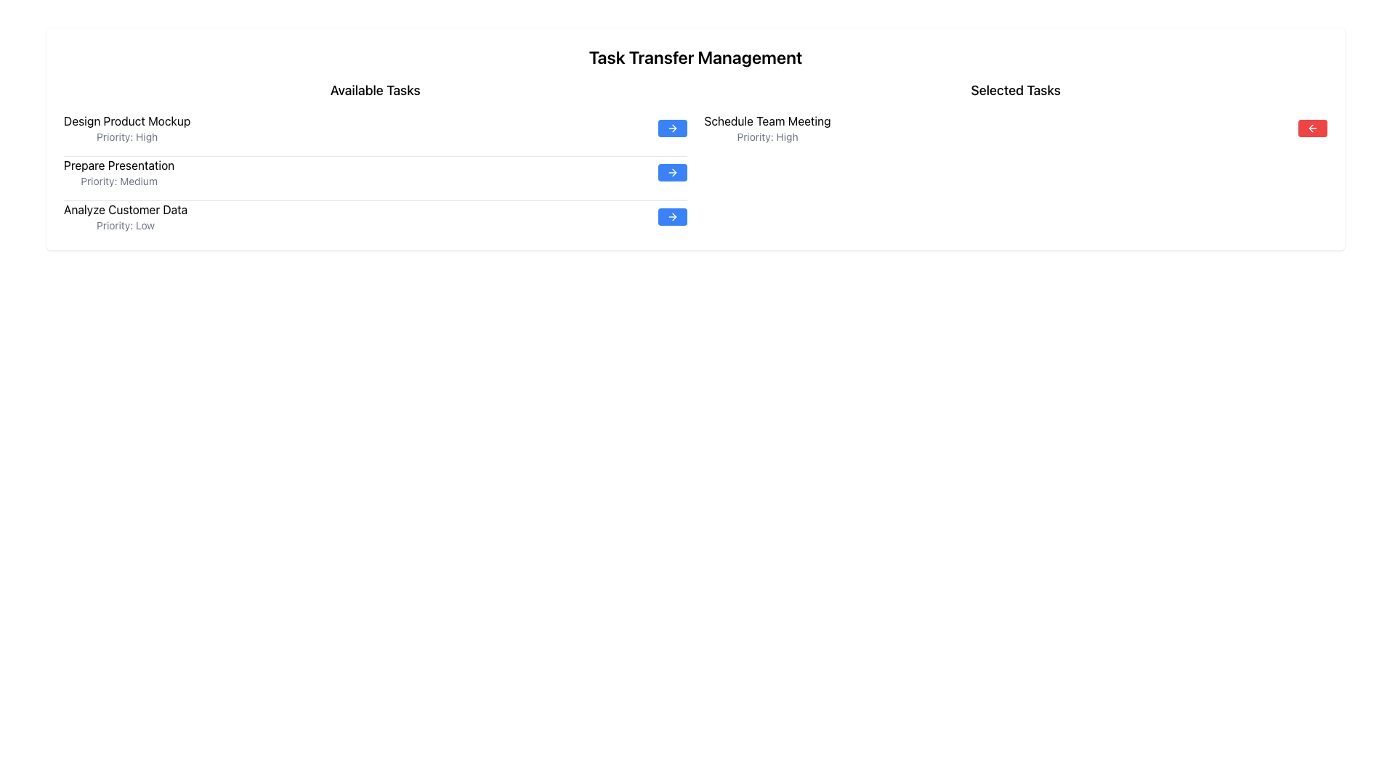  I want to click on the navigation button icon located in the 'Available Tasks' section, next to the task labeled 'Prepare Presentation', so click(672, 172).